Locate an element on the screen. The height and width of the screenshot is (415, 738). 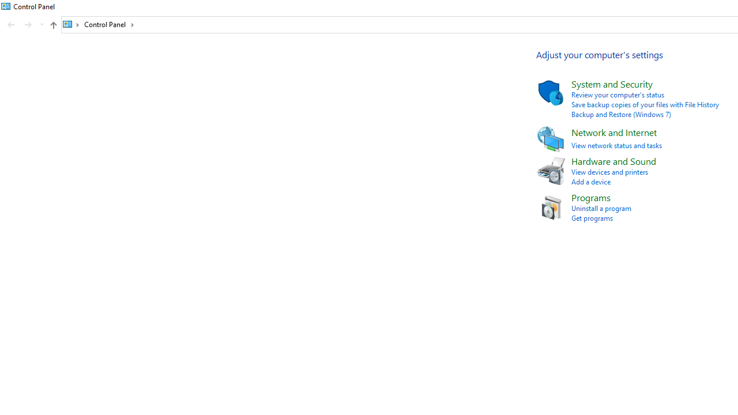
'Backup and Restore (Windows 7)' is located at coordinates (620, 114).